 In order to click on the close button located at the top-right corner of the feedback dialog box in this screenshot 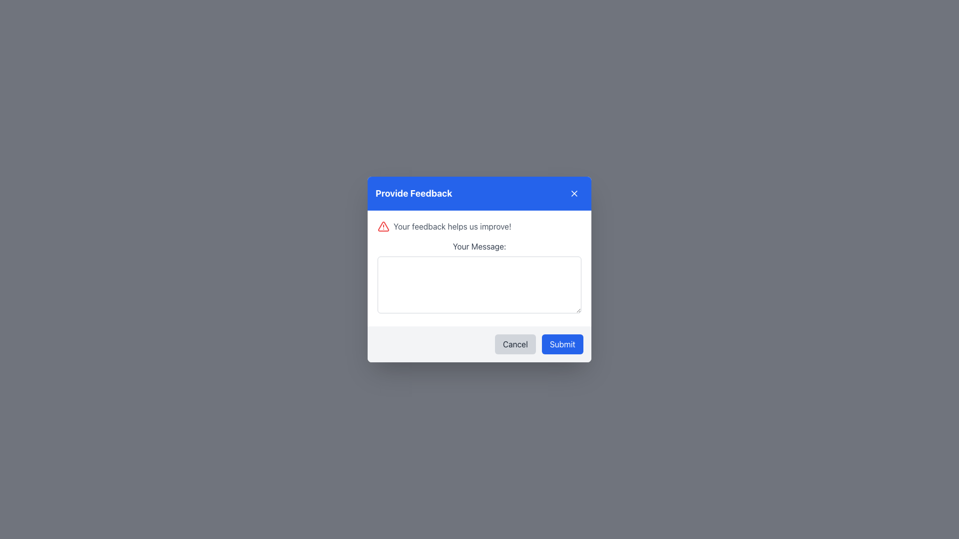, I will do `click(574, 194)`.